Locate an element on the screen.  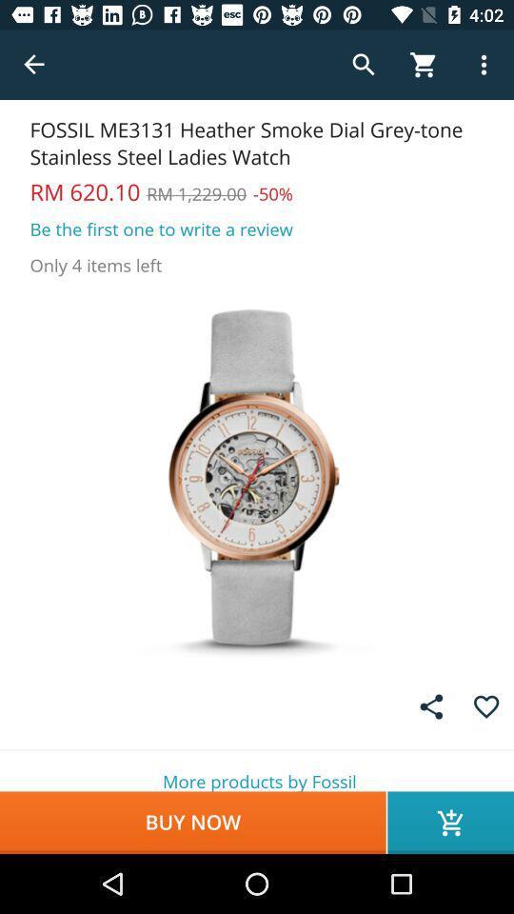
to favorites is located at coordinates (486, 705).